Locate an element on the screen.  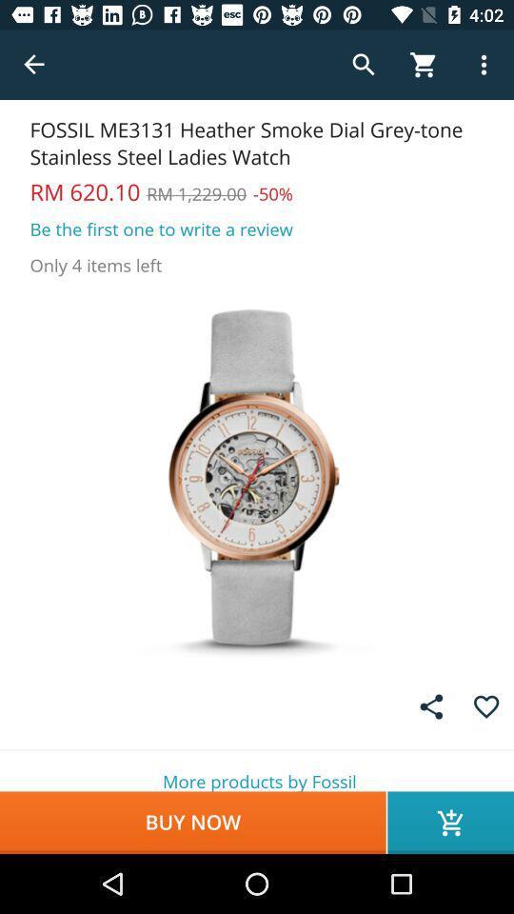
to favorites is located at coordinates (486, 705).